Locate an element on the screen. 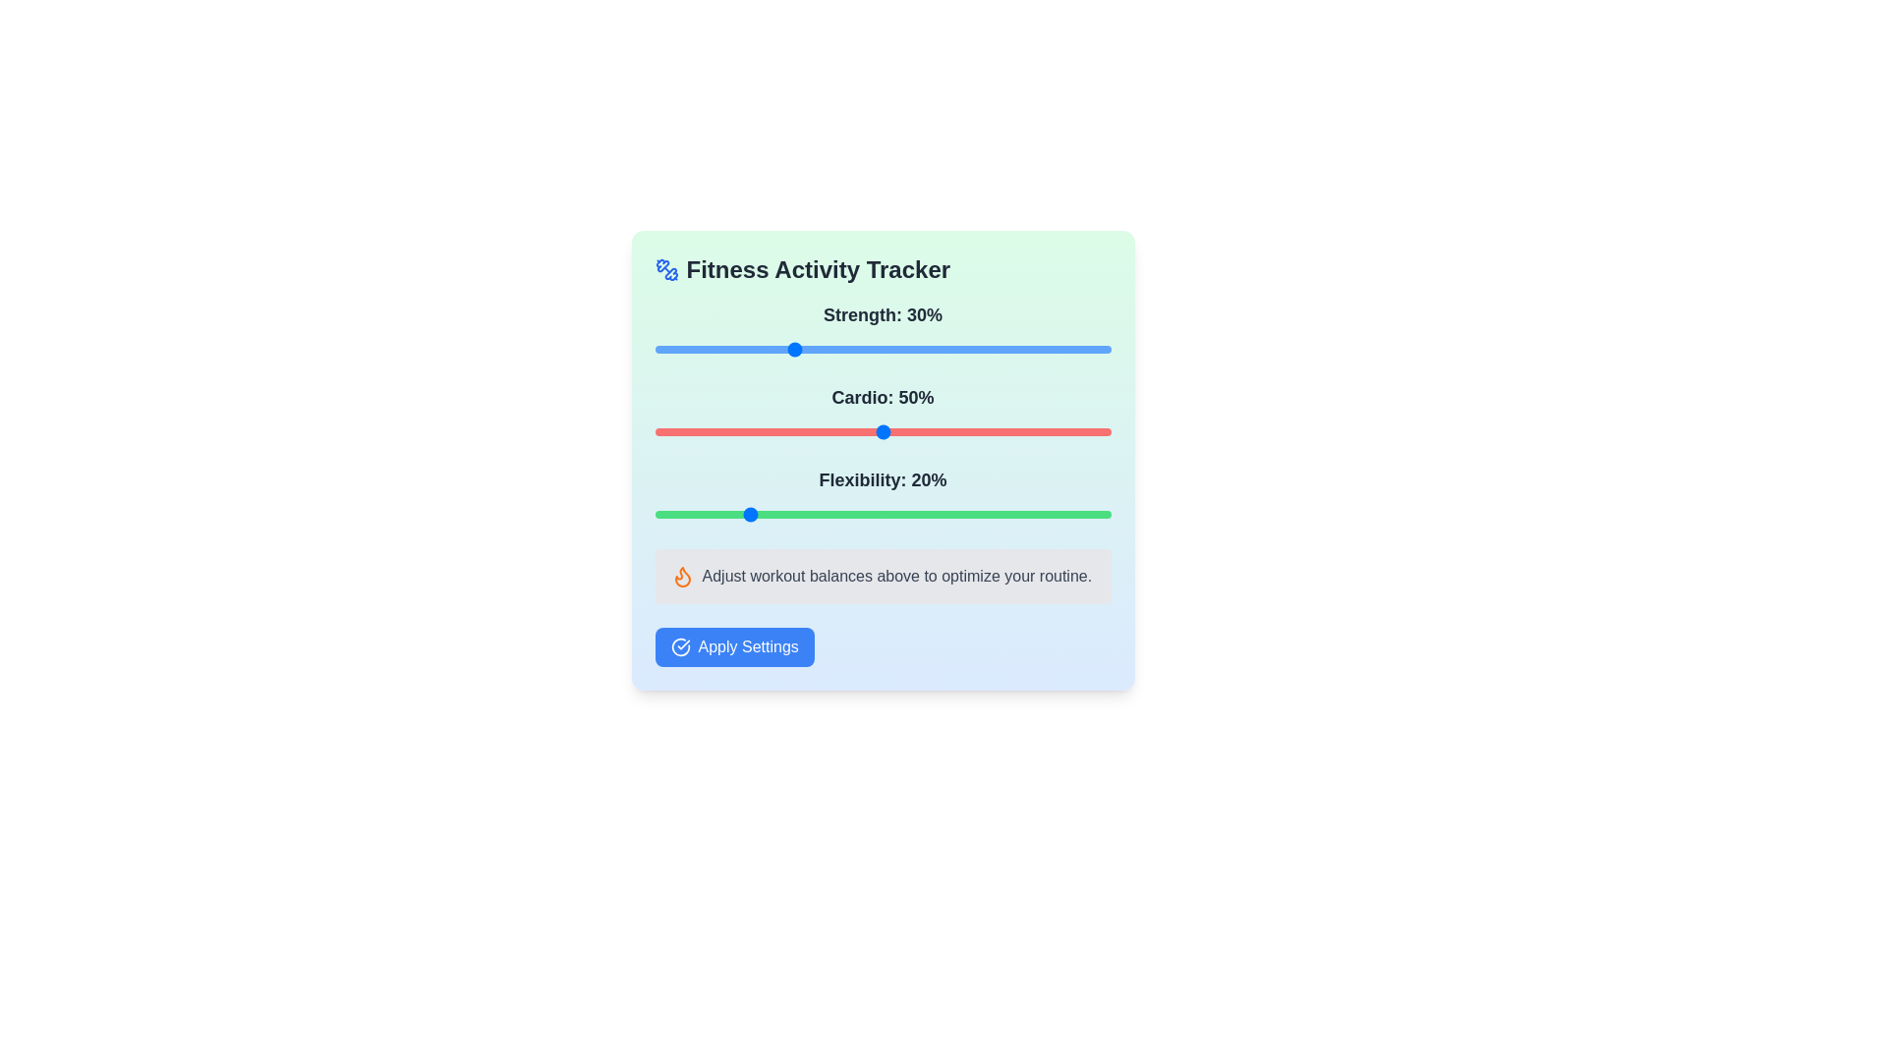  the slider handle located below the text 'Flexibility: 20%' is located at coordinates (882, 514).